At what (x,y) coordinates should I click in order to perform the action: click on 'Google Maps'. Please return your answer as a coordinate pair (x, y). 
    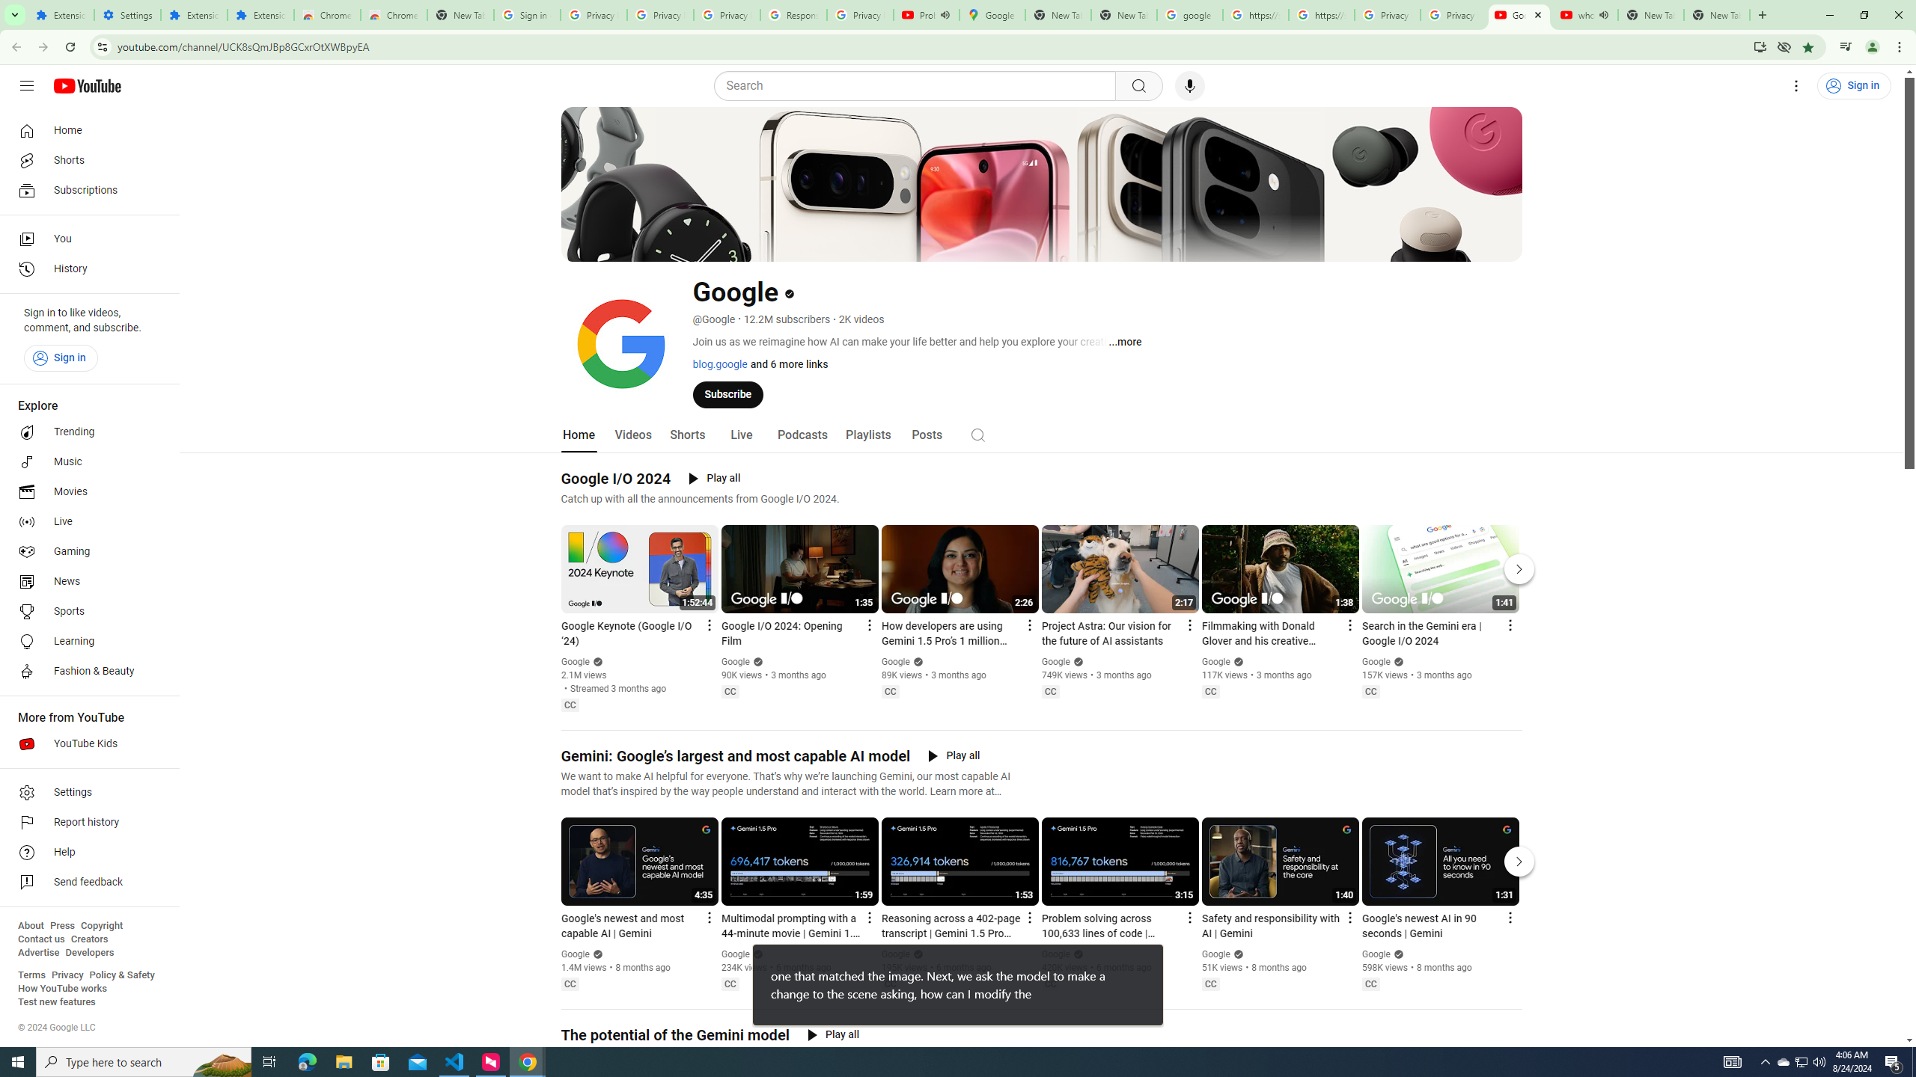
    Looking at the image, I should click on (992, 14).